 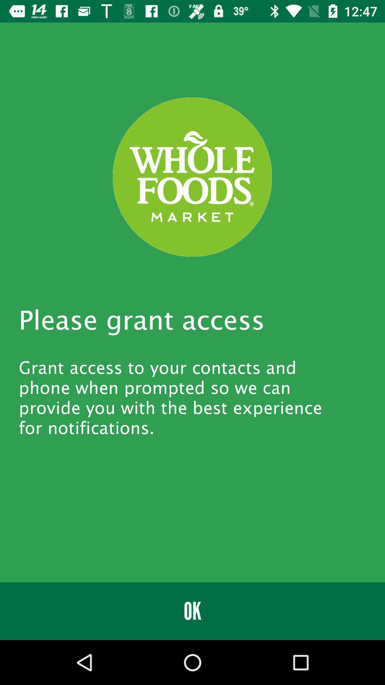 I want to click on the item below the grant access to, so click(x=192, y=611).